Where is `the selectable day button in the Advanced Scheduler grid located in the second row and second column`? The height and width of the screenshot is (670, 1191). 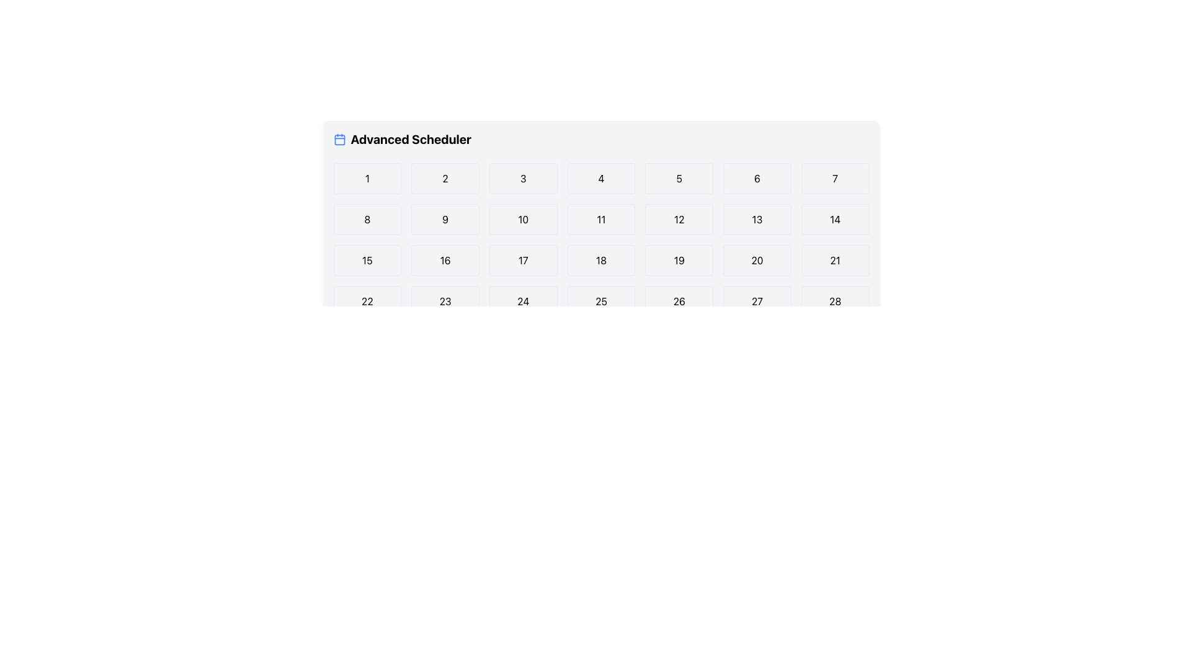
the selectable day button in the Advanced Scheduler grid located in the second row and second column is located at coordinates (445, 219).